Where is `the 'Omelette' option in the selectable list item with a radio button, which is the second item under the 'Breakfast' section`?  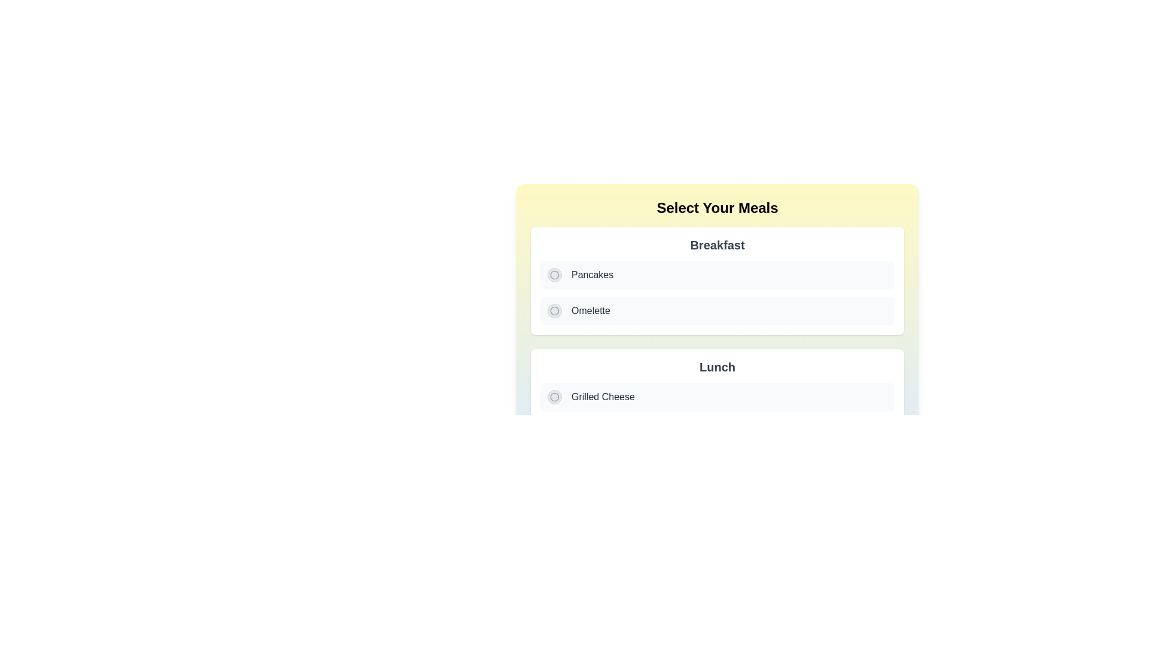
the 'Omelette' option in the selectable list item with a radio button, which is the second item under the 'Breakfast' section is located at coordinates (718, 310).